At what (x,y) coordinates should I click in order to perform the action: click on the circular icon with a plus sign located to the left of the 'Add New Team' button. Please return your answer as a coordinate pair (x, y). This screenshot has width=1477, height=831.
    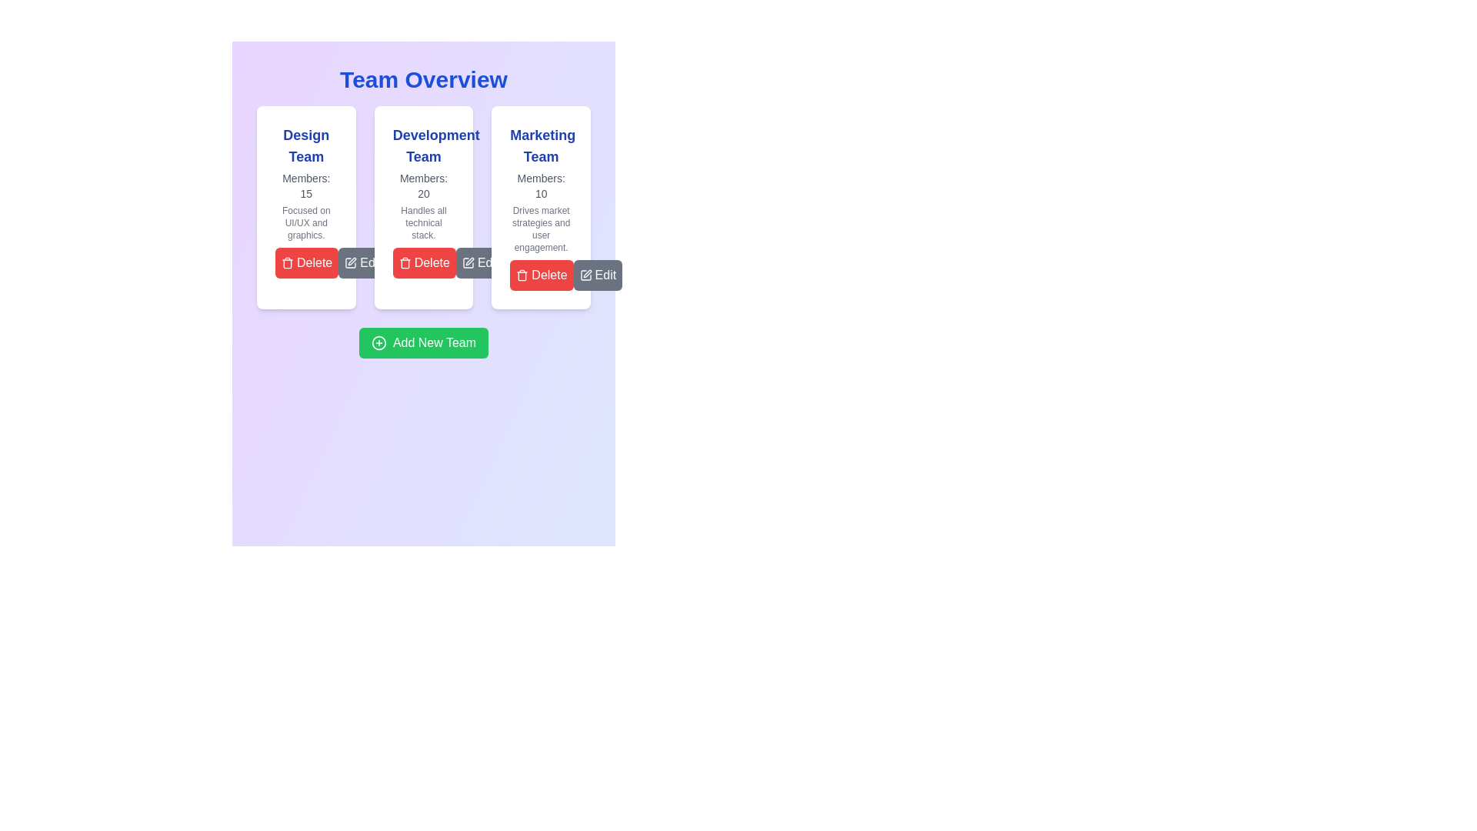
    Looking at the image, I should click on (378, 342).